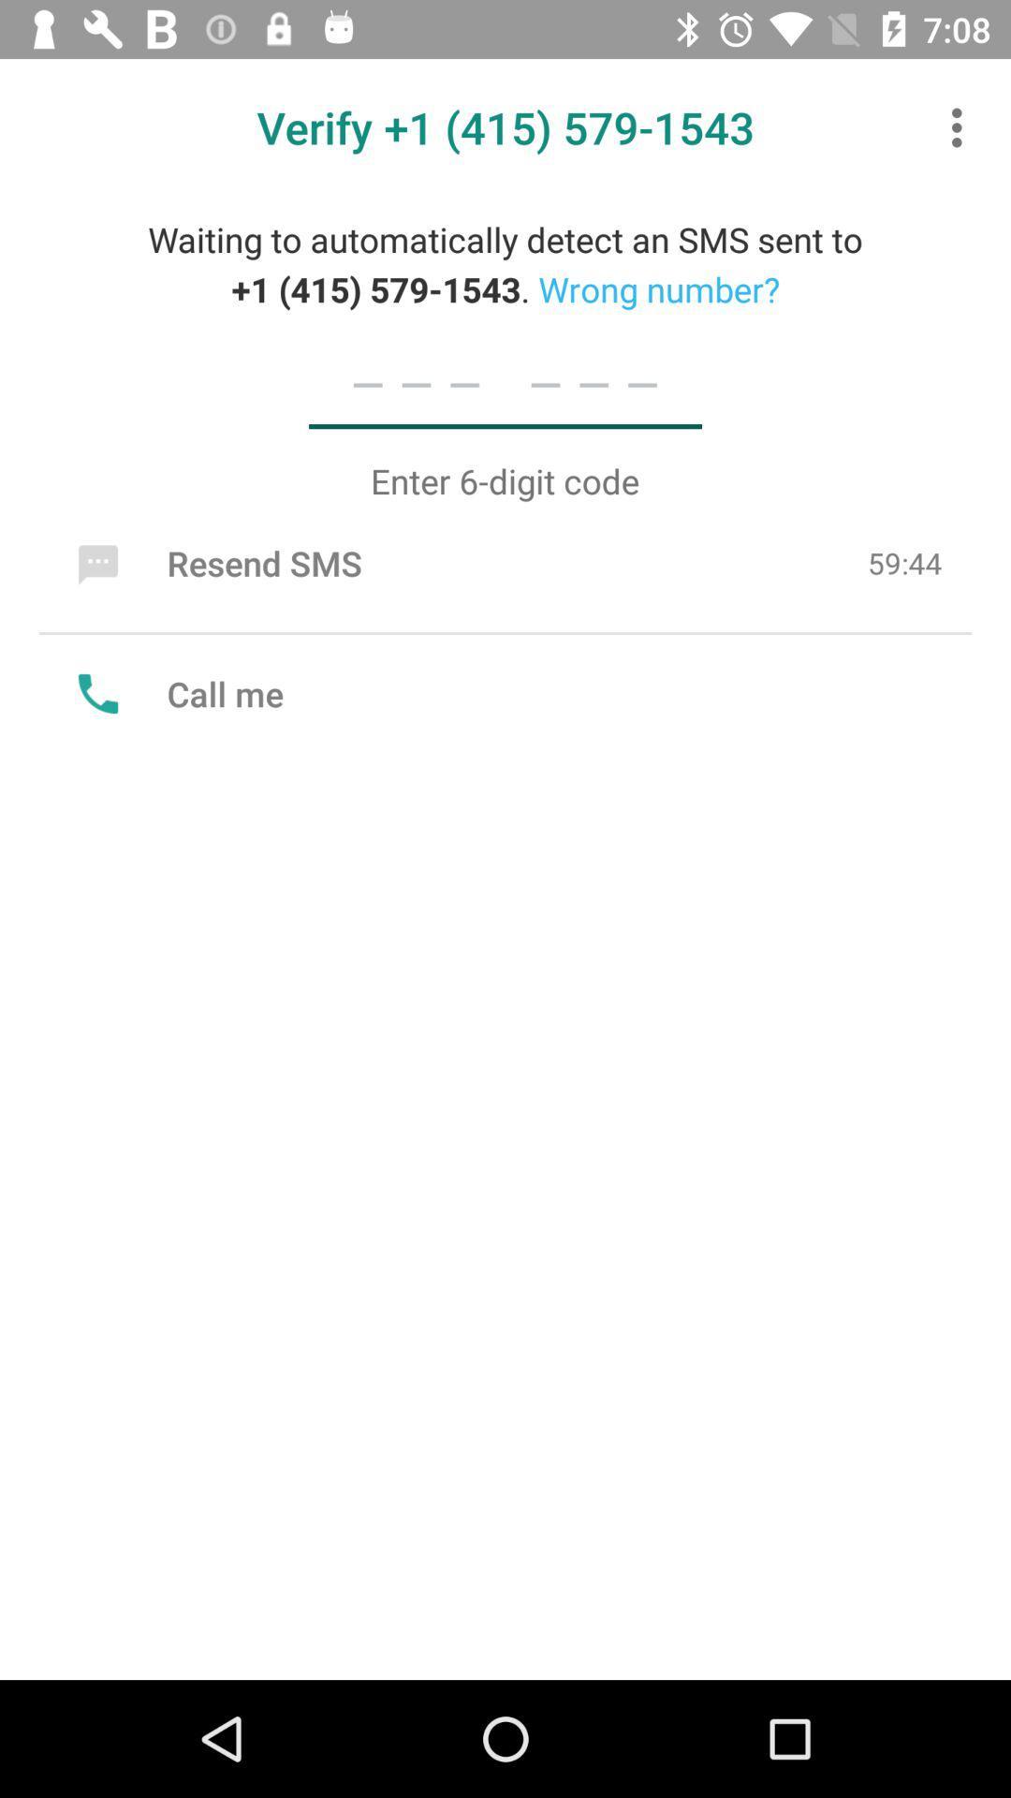  I want to click on the icon on the left, so click(176, 692).